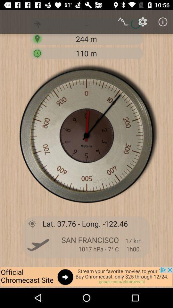 This screenshot has height=308, width=173. What do you see at coordinates (37, 53) in the screenshot?
I see `cubic meter` at bounding box center [37, 53].